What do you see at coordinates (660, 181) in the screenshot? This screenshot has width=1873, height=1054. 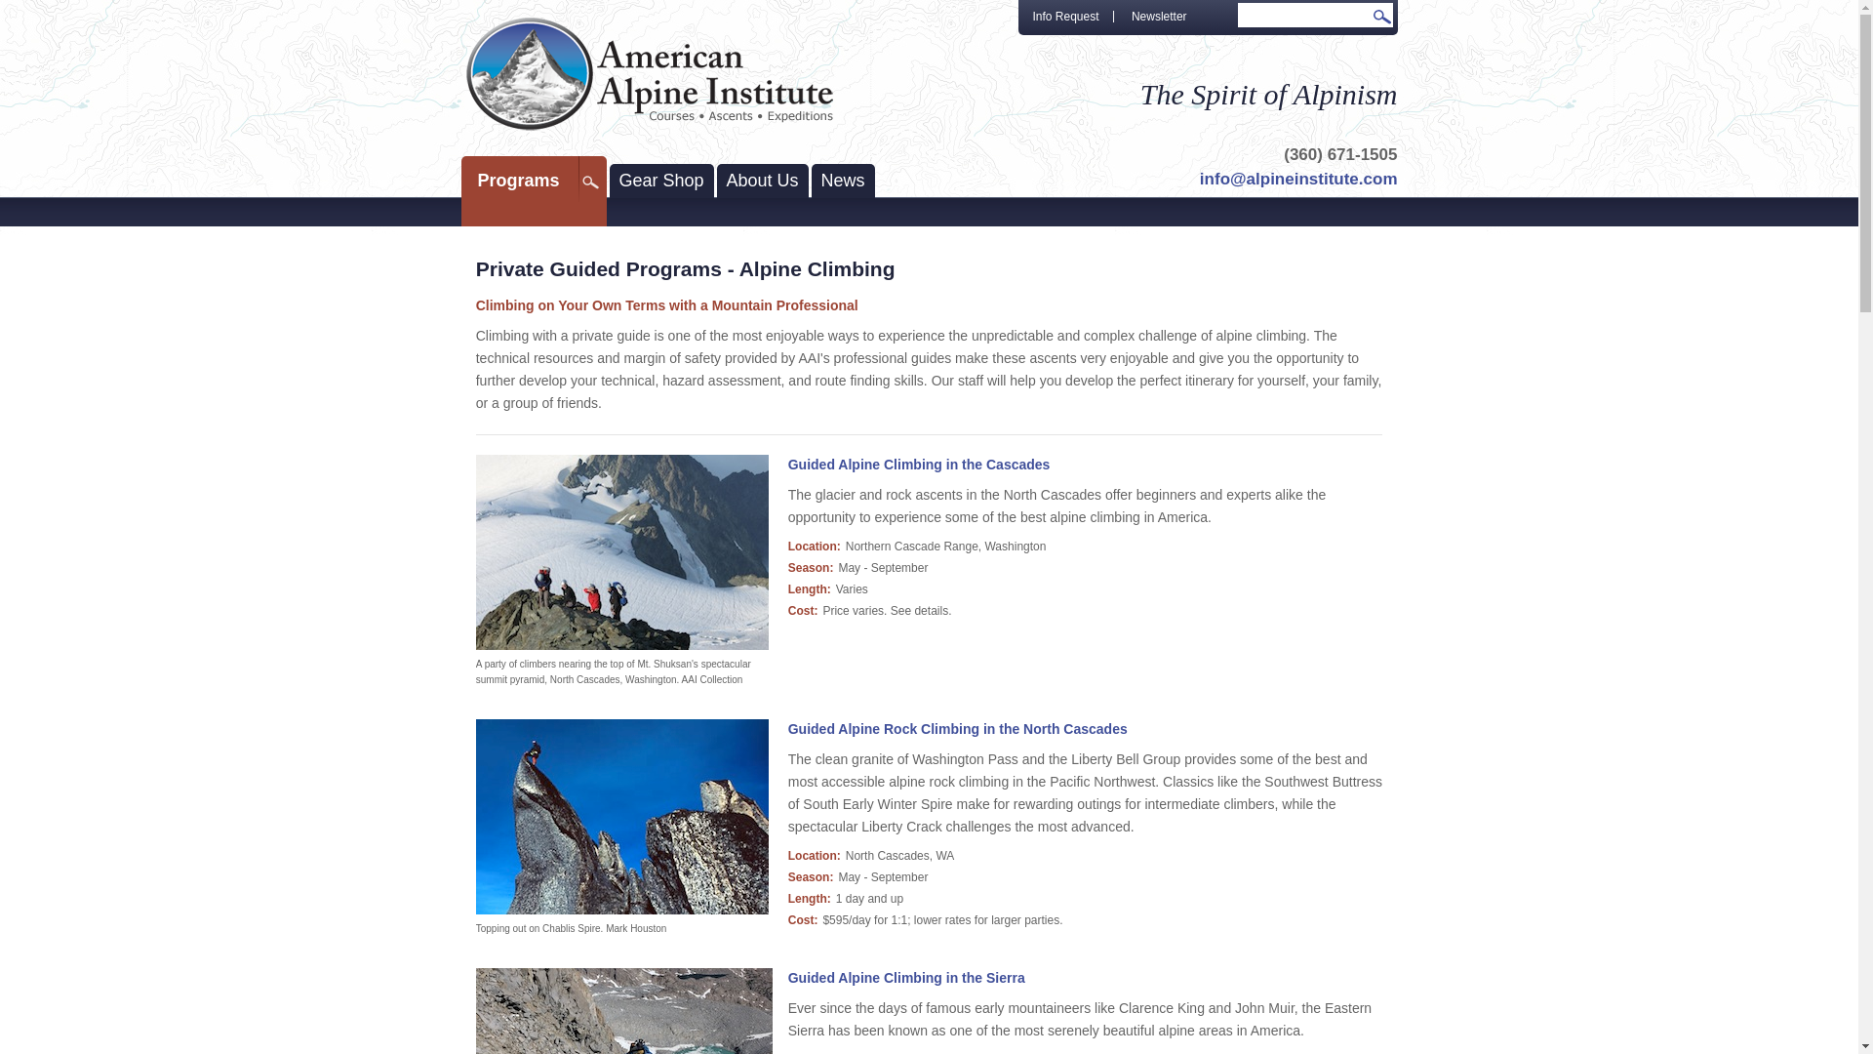 I see `'Gear Shop'` at bounding box center [660, 181].